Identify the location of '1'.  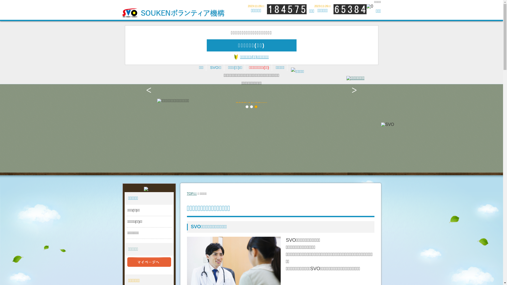
(247, 107).